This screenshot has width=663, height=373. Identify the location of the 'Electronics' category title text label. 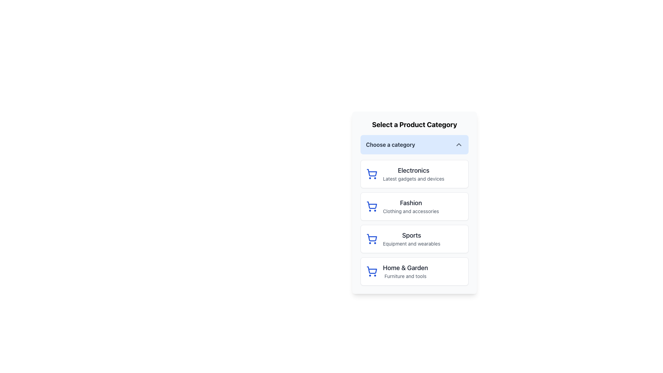
(413, 170).